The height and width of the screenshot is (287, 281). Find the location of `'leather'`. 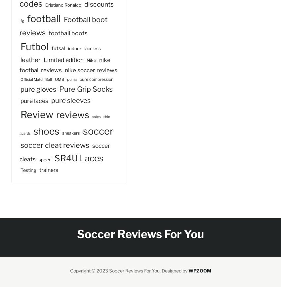

'leather' is located at coordinates (20, 59).